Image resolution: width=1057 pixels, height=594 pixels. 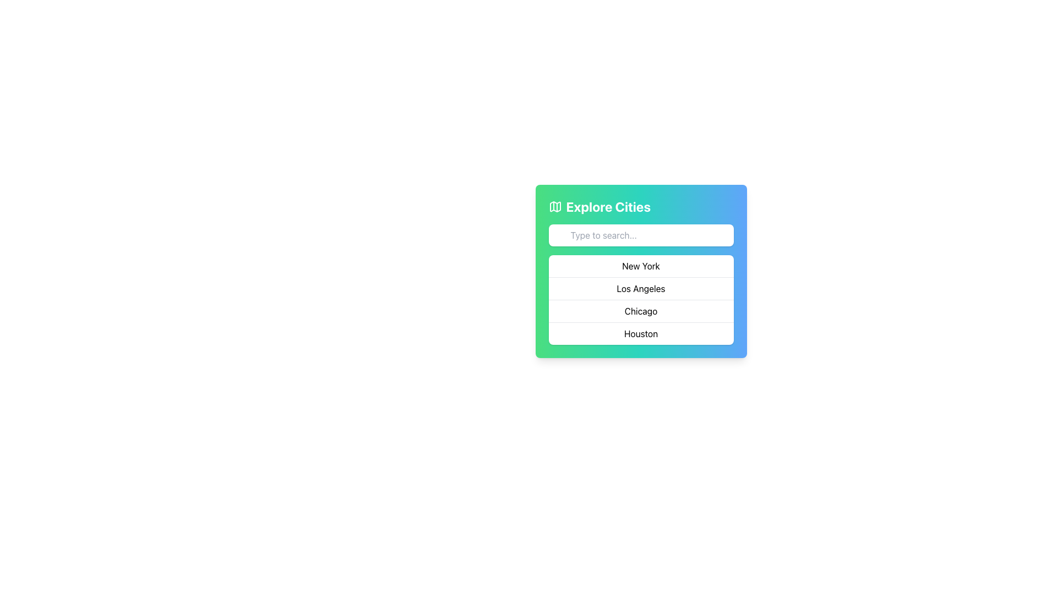 What do you see at coordinates (641, 311) in the screenshot?
I see `the third item in the city names list, located below 'Los Angeles' and above 'Houston'` at bounding box center [641, 311].